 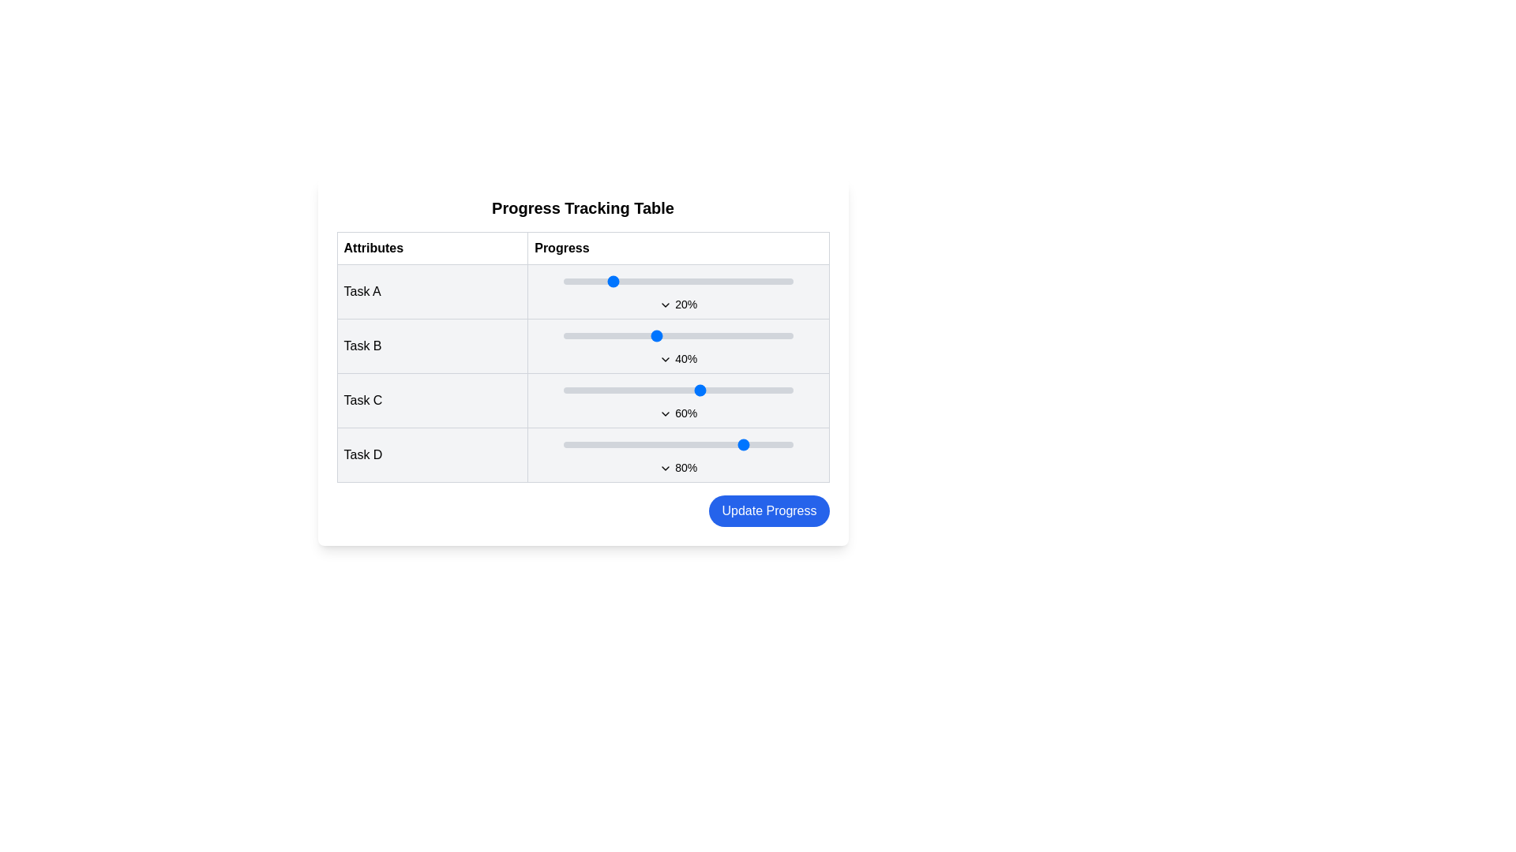 I want to click on progress value, so click(x=655, y=281).